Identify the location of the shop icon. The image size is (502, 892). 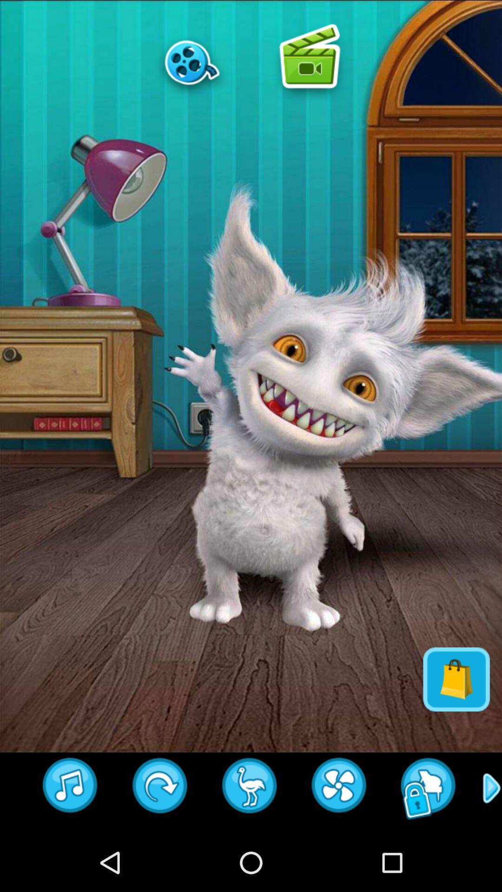
(456, 727).